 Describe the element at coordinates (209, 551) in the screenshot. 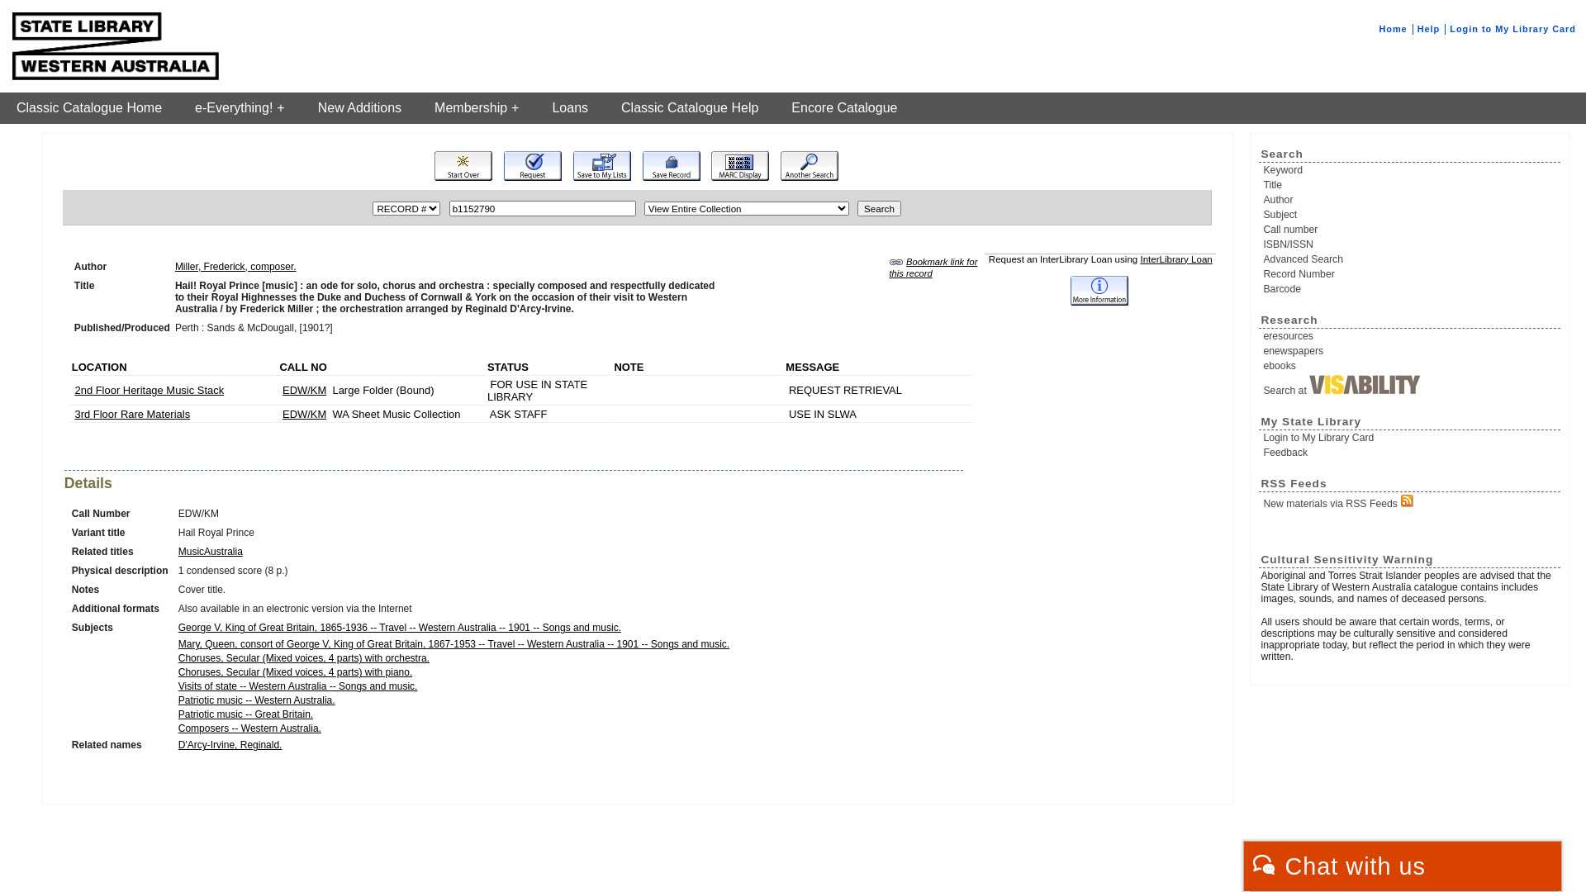

I see `'MusicAustralia'` at that location.